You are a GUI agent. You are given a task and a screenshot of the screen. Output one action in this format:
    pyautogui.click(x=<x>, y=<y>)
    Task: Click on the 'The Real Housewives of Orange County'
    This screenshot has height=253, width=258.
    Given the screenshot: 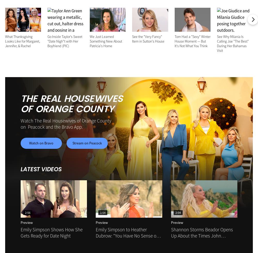 What is the action you would take?
    pyautogui.click(x=71, y=104)
    